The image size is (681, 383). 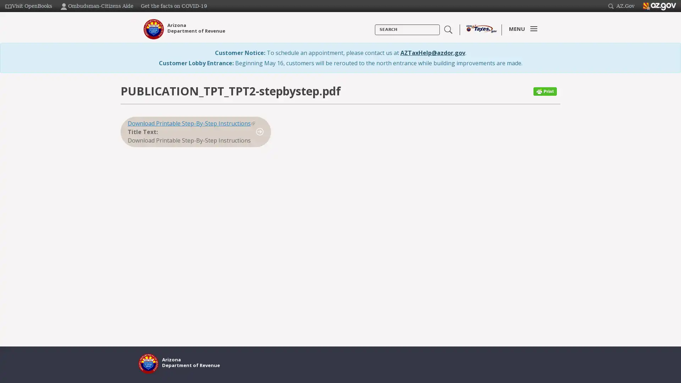 What do you see at coordinates (521, 28) in the screenshot?
I see `MENU` at bounding box center [521, 28].